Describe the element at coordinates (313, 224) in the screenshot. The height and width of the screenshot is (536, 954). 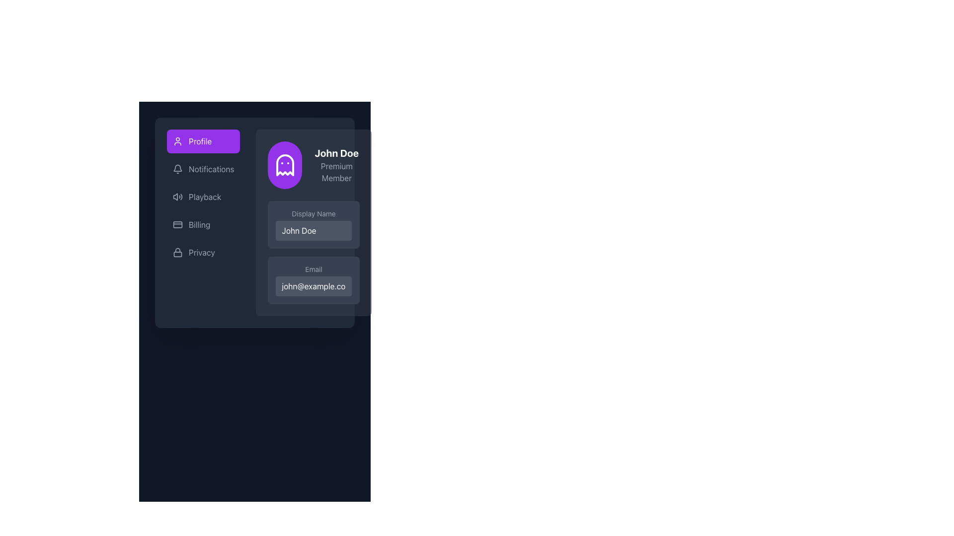
I see `the text input field for 'Display Name' located in the central panel of the UI` at that location.